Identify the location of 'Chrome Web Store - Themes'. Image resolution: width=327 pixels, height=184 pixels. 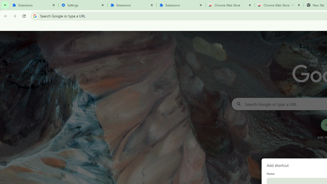
(279, 5).